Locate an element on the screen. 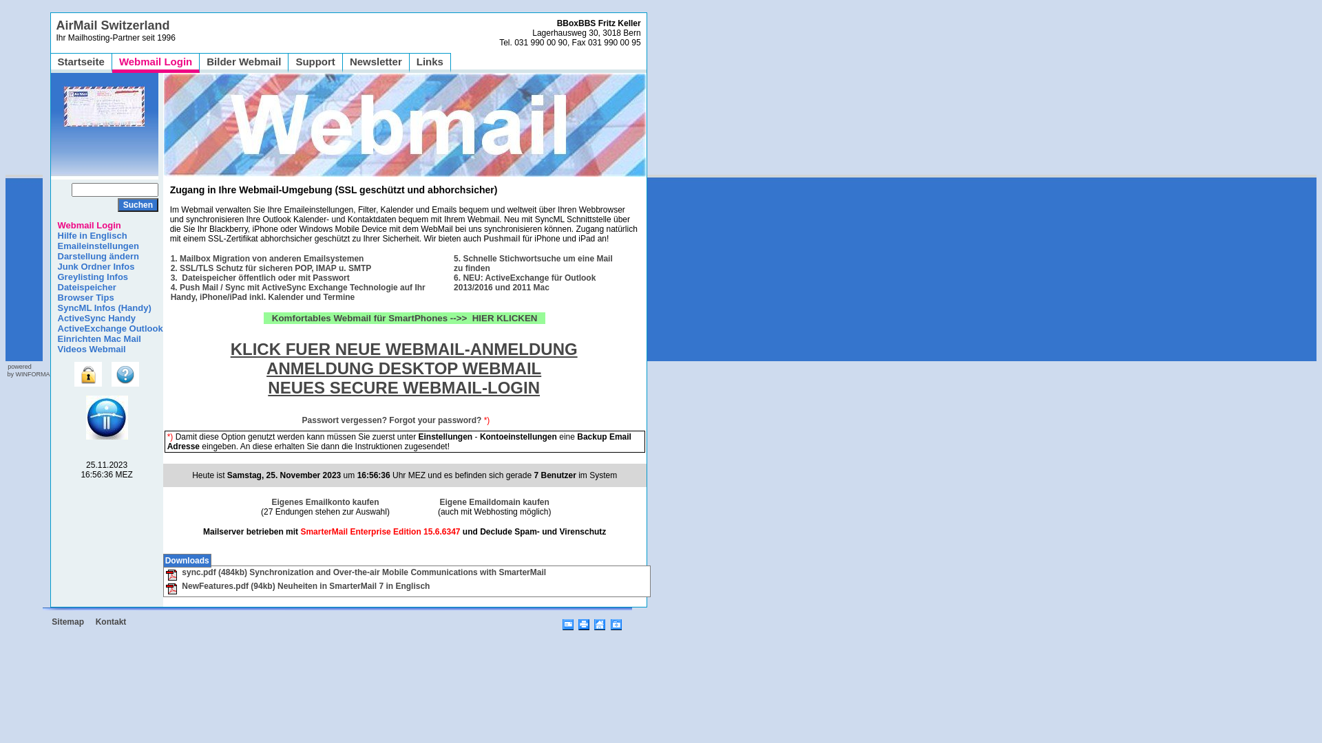  'Emaileinstellungen' is located at coordinates (94, 245).